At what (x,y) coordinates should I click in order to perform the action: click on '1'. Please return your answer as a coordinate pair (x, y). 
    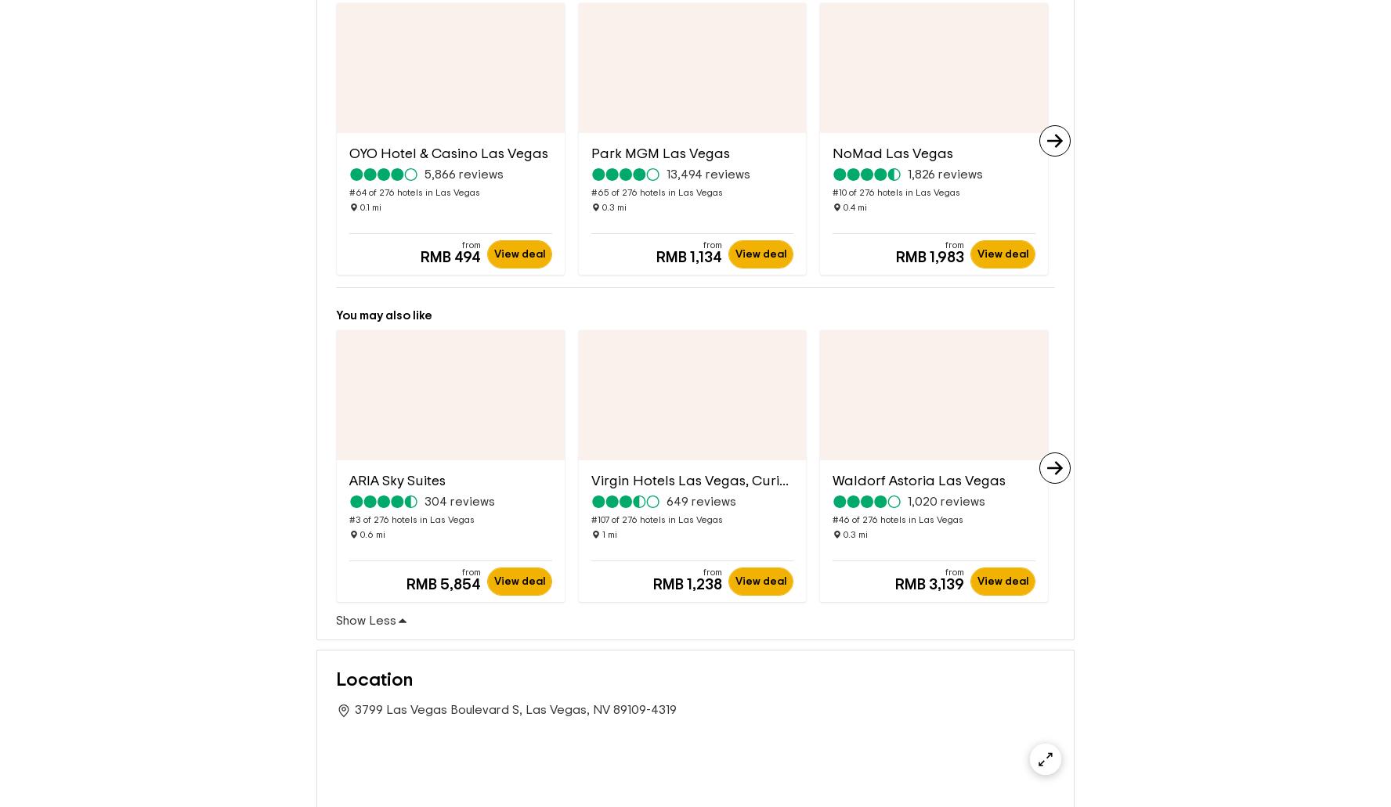
    Looking at the image, I should click on (602, 509).